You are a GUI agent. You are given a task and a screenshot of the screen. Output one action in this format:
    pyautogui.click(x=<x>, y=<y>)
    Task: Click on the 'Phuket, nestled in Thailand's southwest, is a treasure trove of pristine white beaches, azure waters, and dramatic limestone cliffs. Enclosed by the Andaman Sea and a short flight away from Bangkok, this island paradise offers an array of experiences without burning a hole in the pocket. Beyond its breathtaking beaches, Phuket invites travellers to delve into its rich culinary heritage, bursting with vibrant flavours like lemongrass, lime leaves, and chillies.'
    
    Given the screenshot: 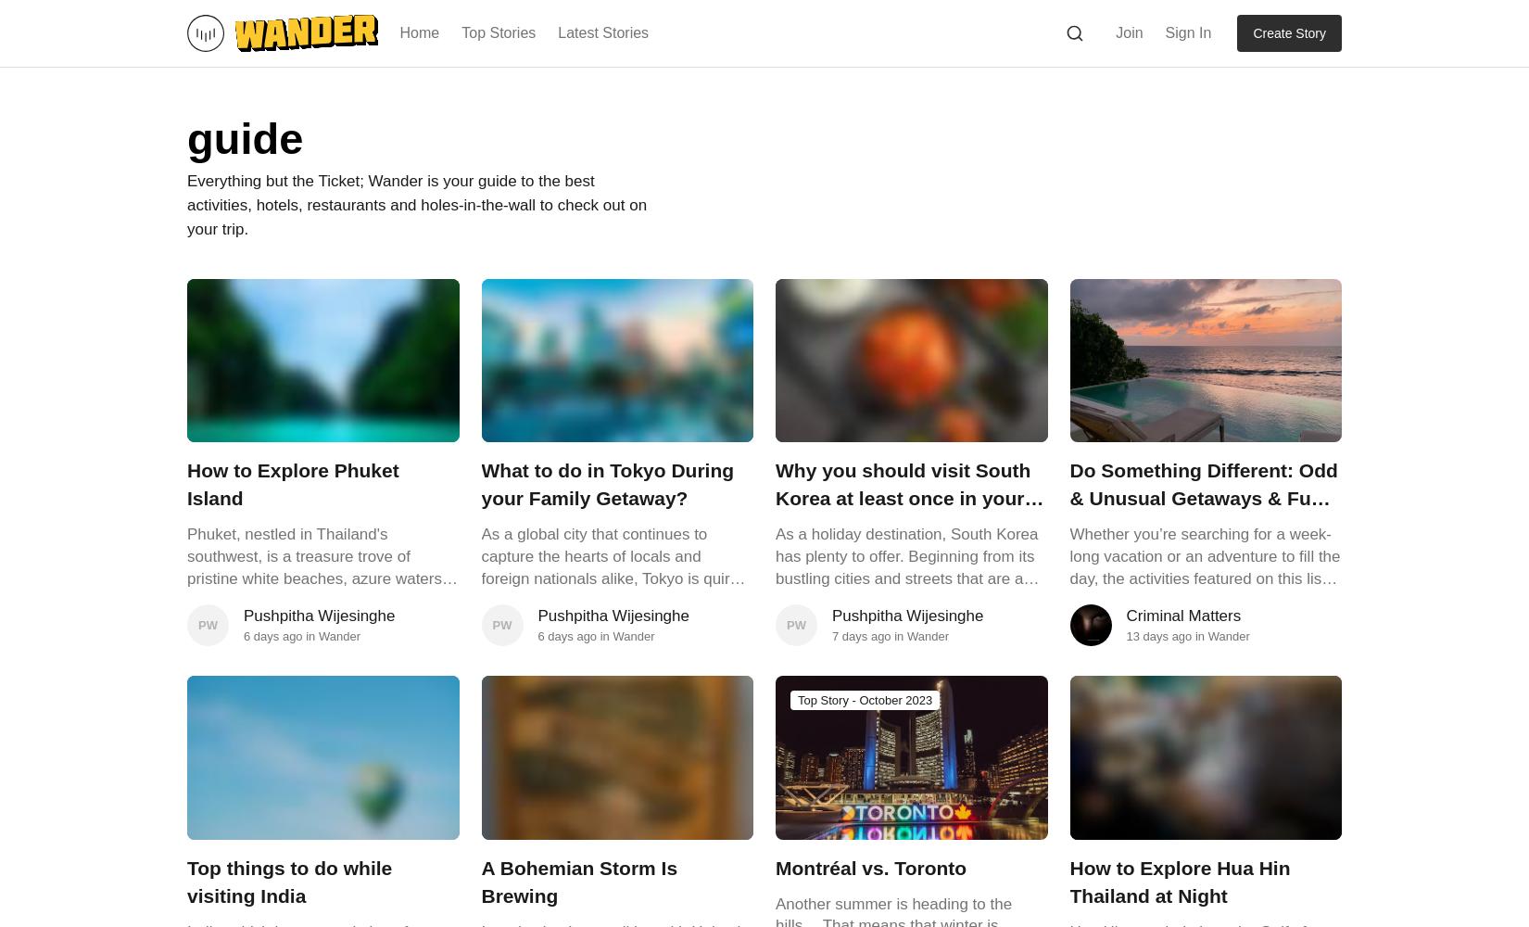 What is the action you would take?
    pyautogui.click(x=317, y=666)
    